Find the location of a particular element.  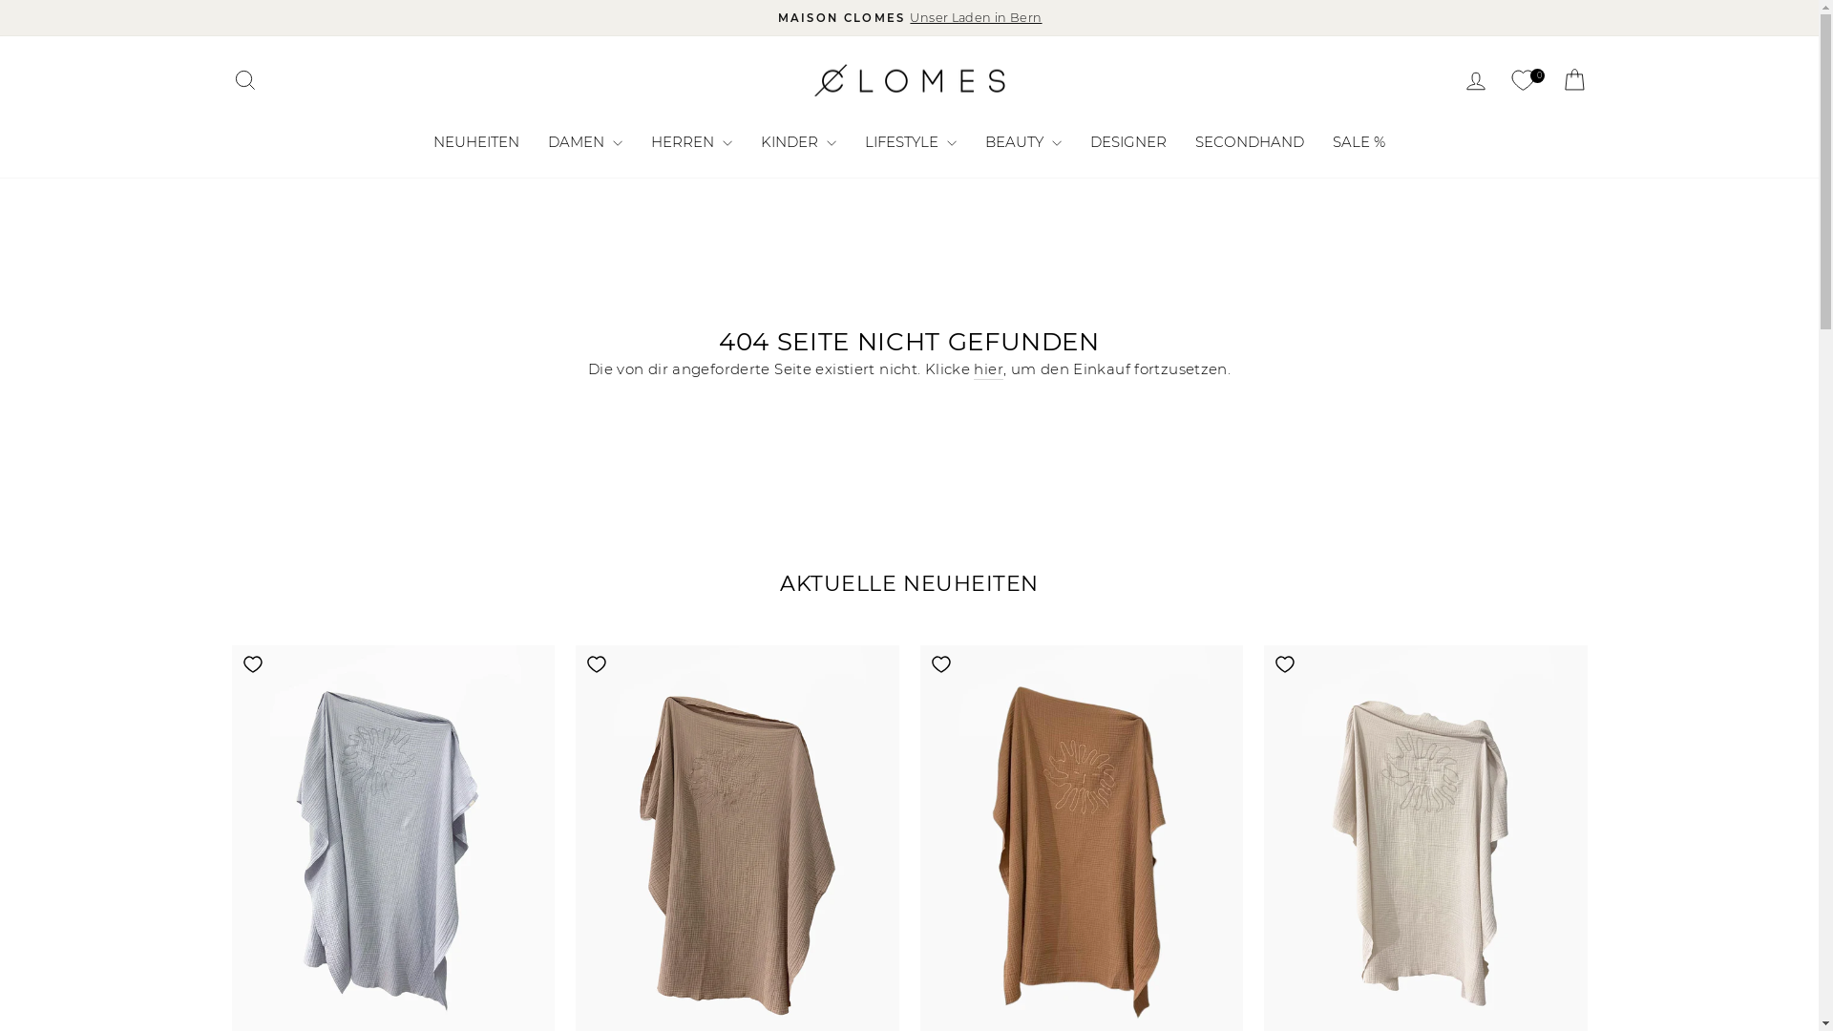

'NEUHEITEN' is located at coordinates (417, 139).